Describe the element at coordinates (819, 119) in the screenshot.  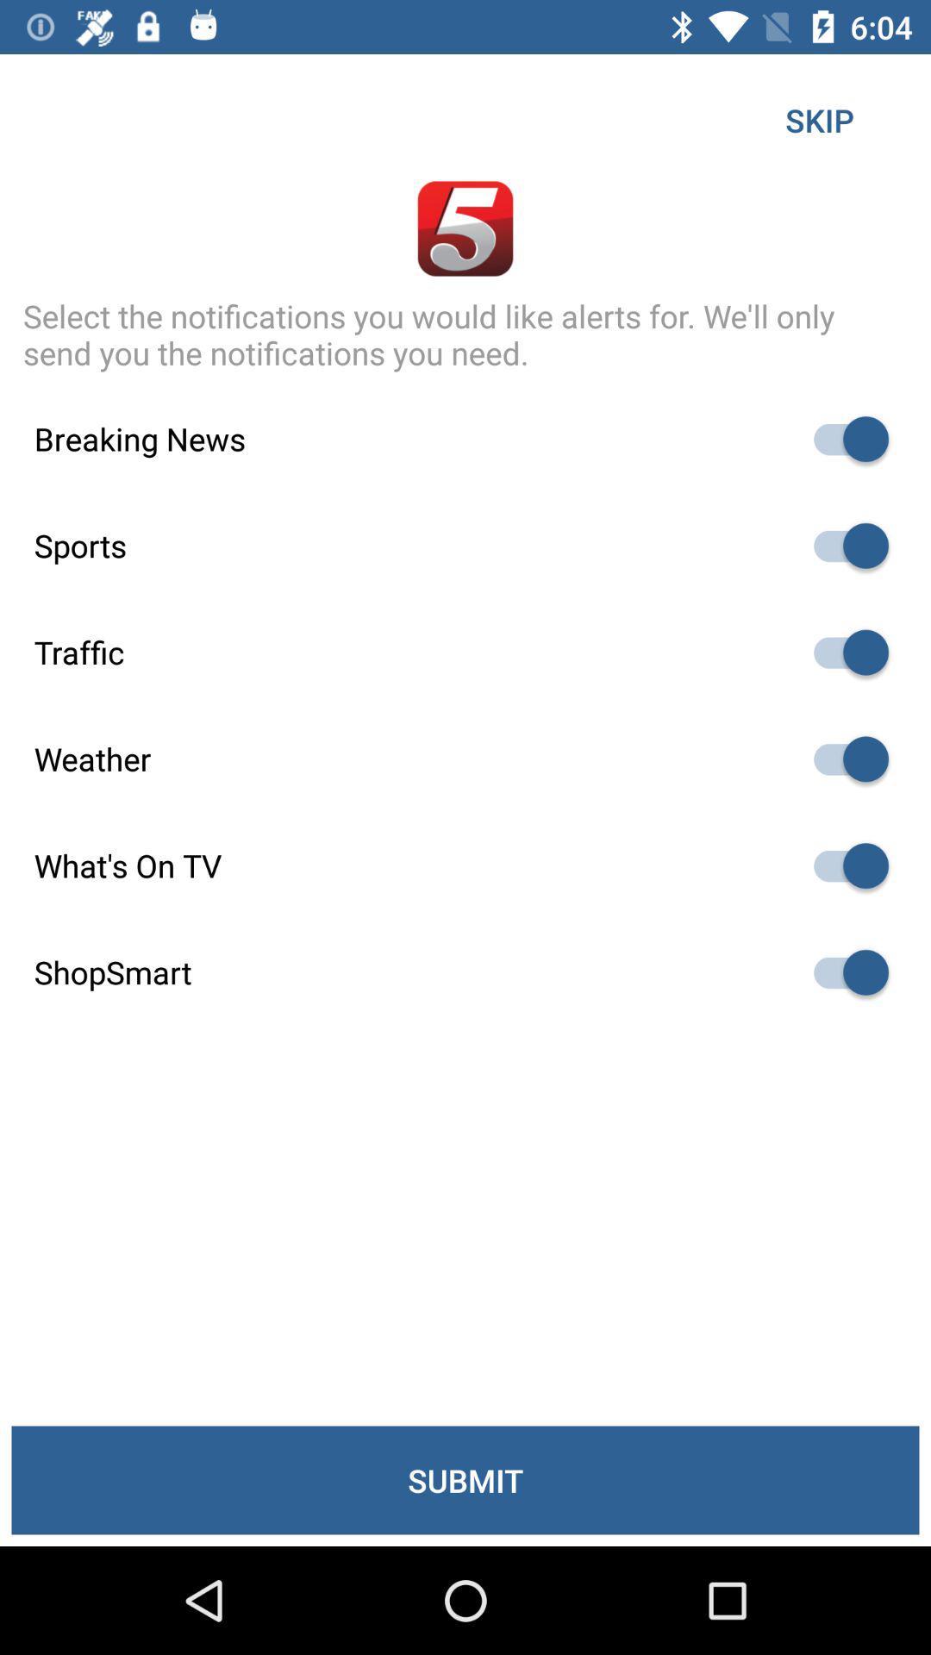
I see `the skip item` at that location.